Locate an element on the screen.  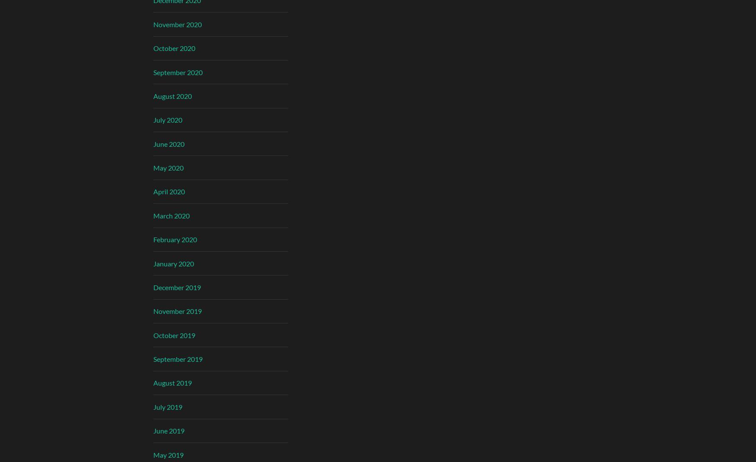
'November 2019' is located at coordinates (177, 310).